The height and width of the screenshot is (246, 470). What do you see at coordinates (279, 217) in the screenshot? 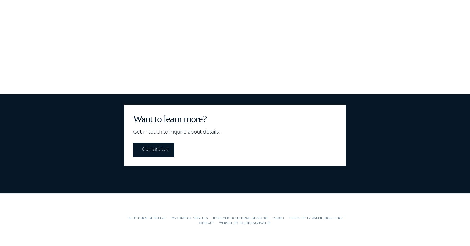
I see `'About'` at bounding box center [279, 217].